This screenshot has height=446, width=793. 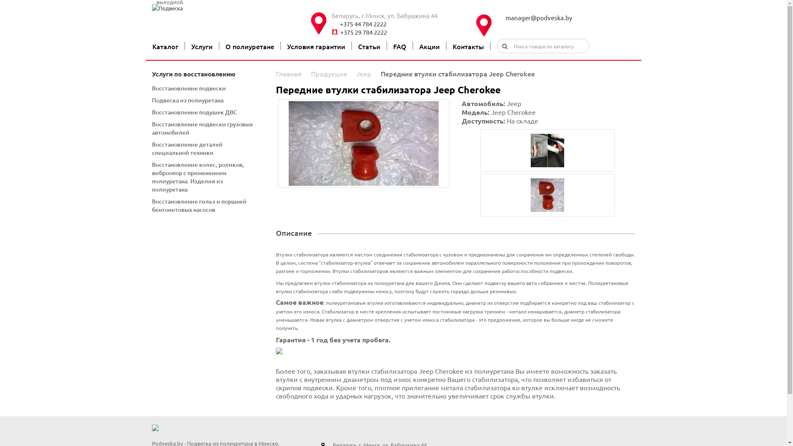 What do you see at coordinates (404, 23) in the screenshot?
I see `'+375 44 784 2222'` at bounding box center [404, 23].